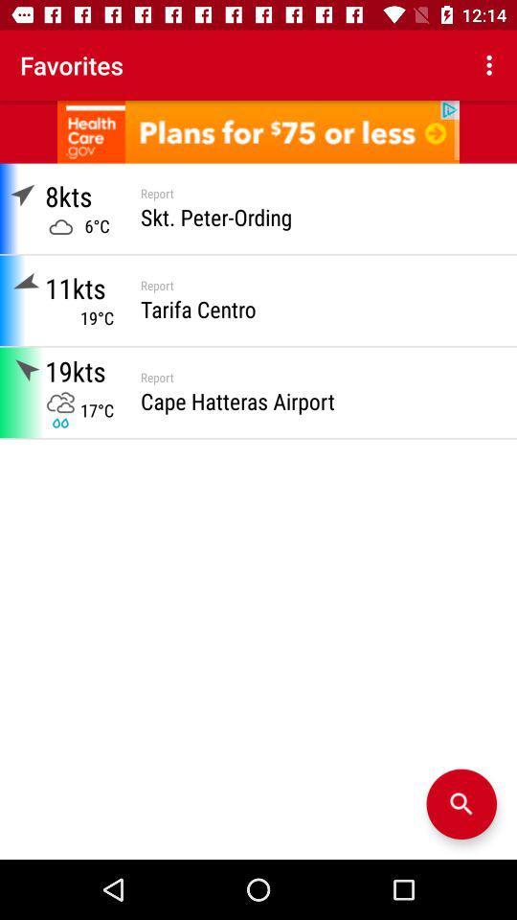 Image resolution: width=517 pixels, height=920 pixels. I want to click on cloud icon below 19kts, so click(60, 402).